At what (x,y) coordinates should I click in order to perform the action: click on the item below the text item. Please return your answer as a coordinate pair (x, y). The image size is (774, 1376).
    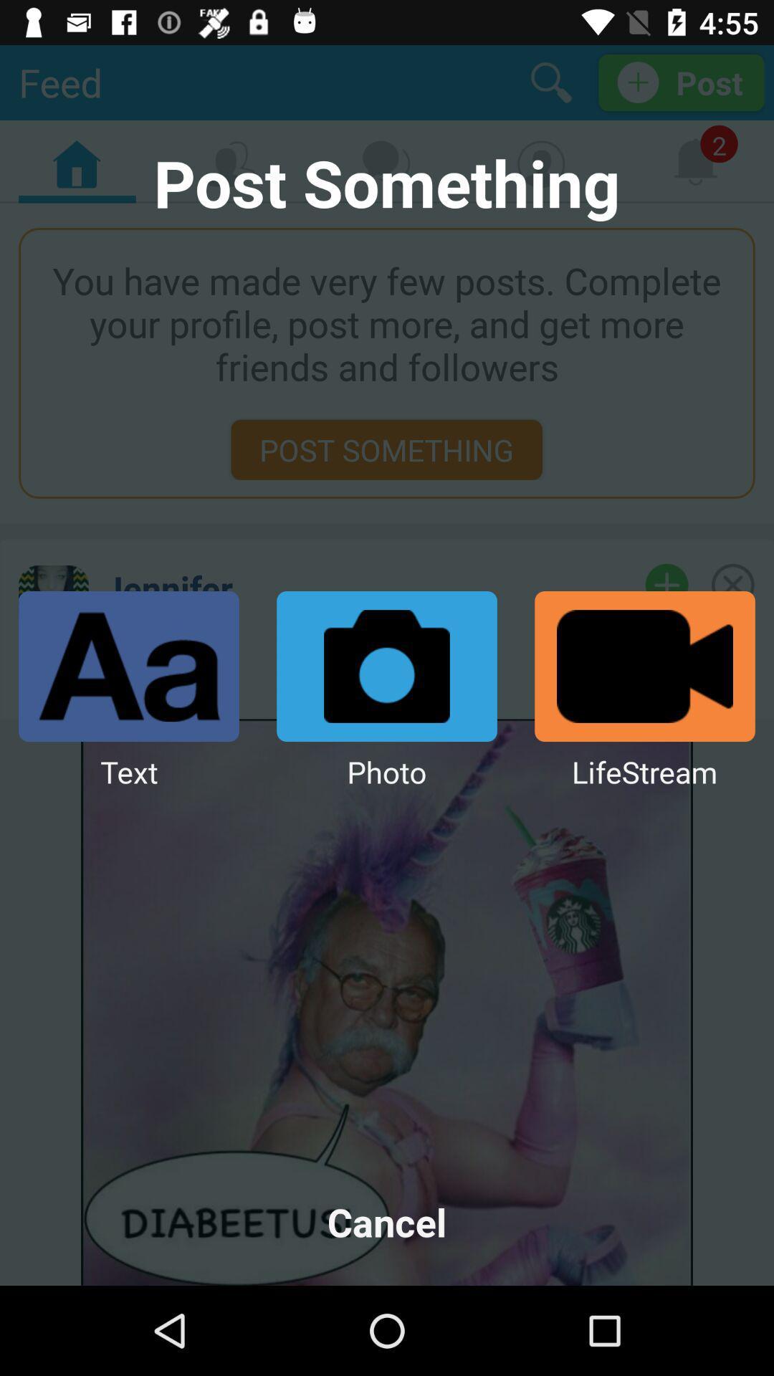
    Looking at the image, I should click on (387, 1221).